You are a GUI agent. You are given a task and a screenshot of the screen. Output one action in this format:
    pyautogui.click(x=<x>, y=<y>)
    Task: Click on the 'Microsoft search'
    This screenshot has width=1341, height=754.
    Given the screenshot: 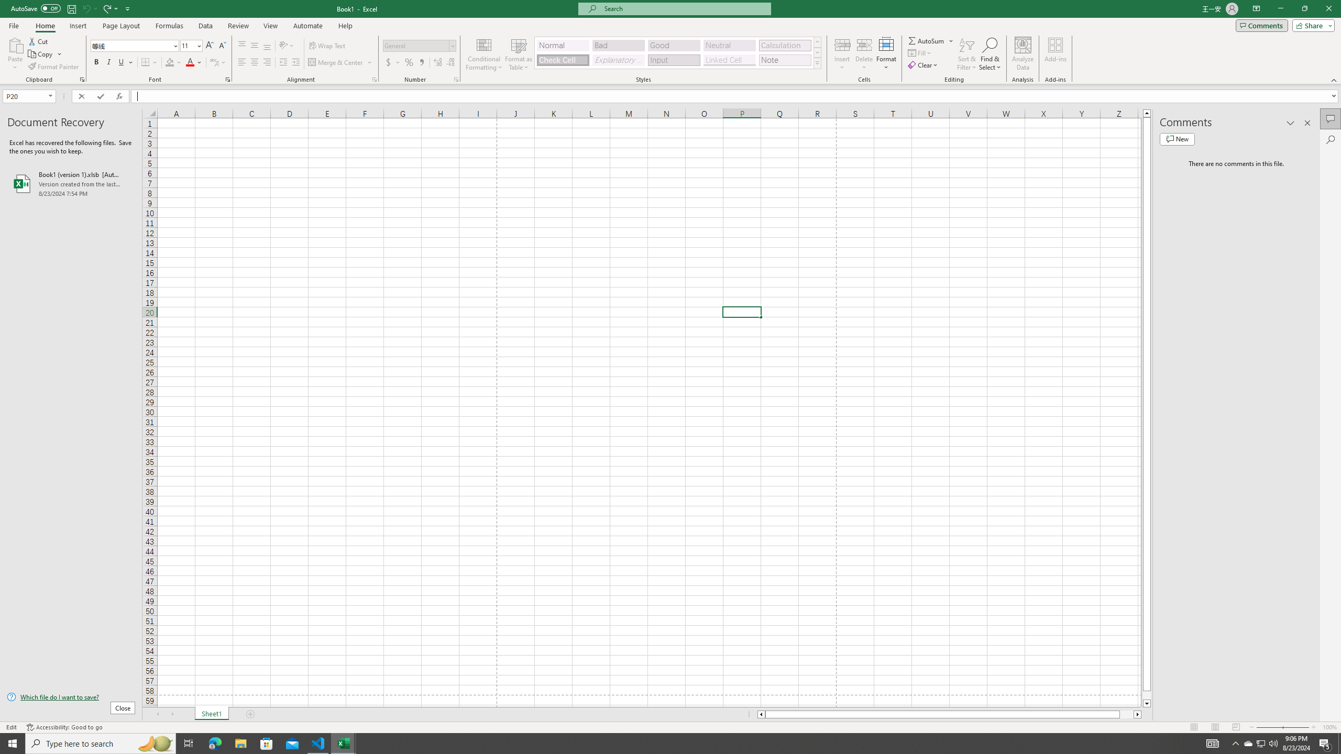 What is the action you would take?
    pyautogui.click(x=683, y=8)
    